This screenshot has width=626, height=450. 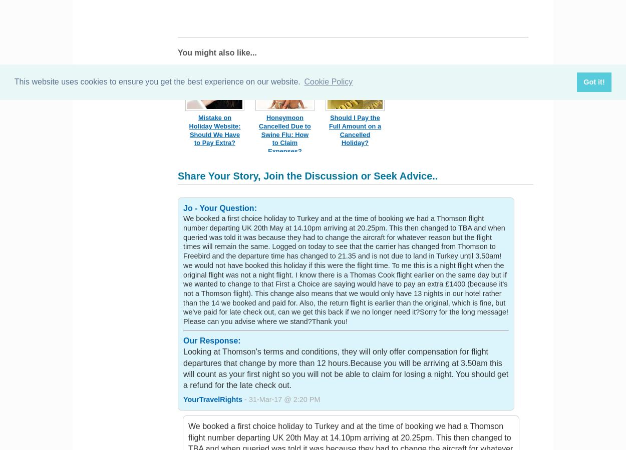 I want to click on 'Share Your Story, Join the Discussion or Seek Advice..', so click(x=307, y=175).